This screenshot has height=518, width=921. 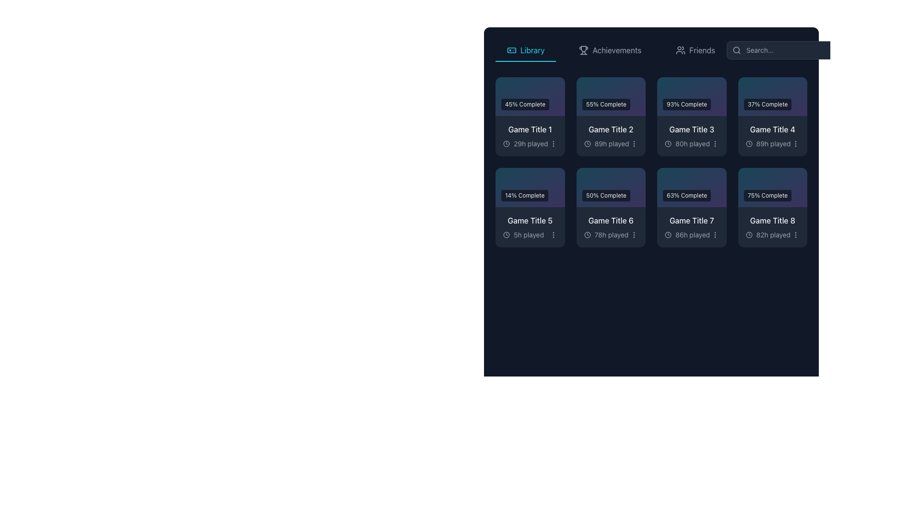 What do you see at coordinates (605, 105) in the screenshot?
I see `the progress indicator text label located at the bottom-left corner of the second card in the first row of the grid layout` at bounding box center [605, 105].